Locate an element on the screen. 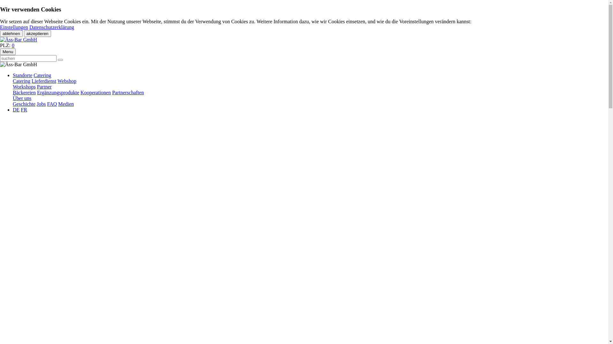 This screenshot has width=613, height=344. 'Lieferdienst' is located at coordinates (31, 81).